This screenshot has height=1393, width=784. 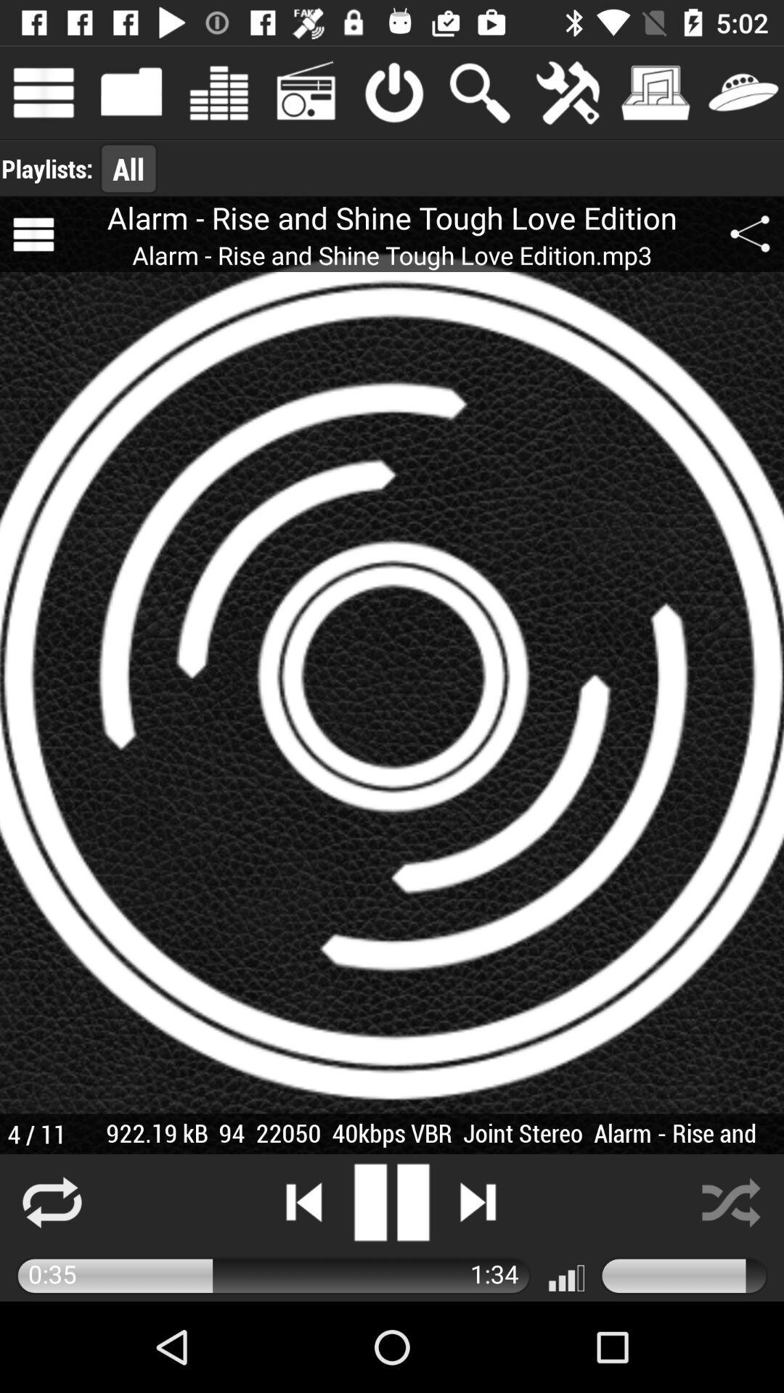 I want to click on 4 / 11 icon, so click(x=36, y=1133).